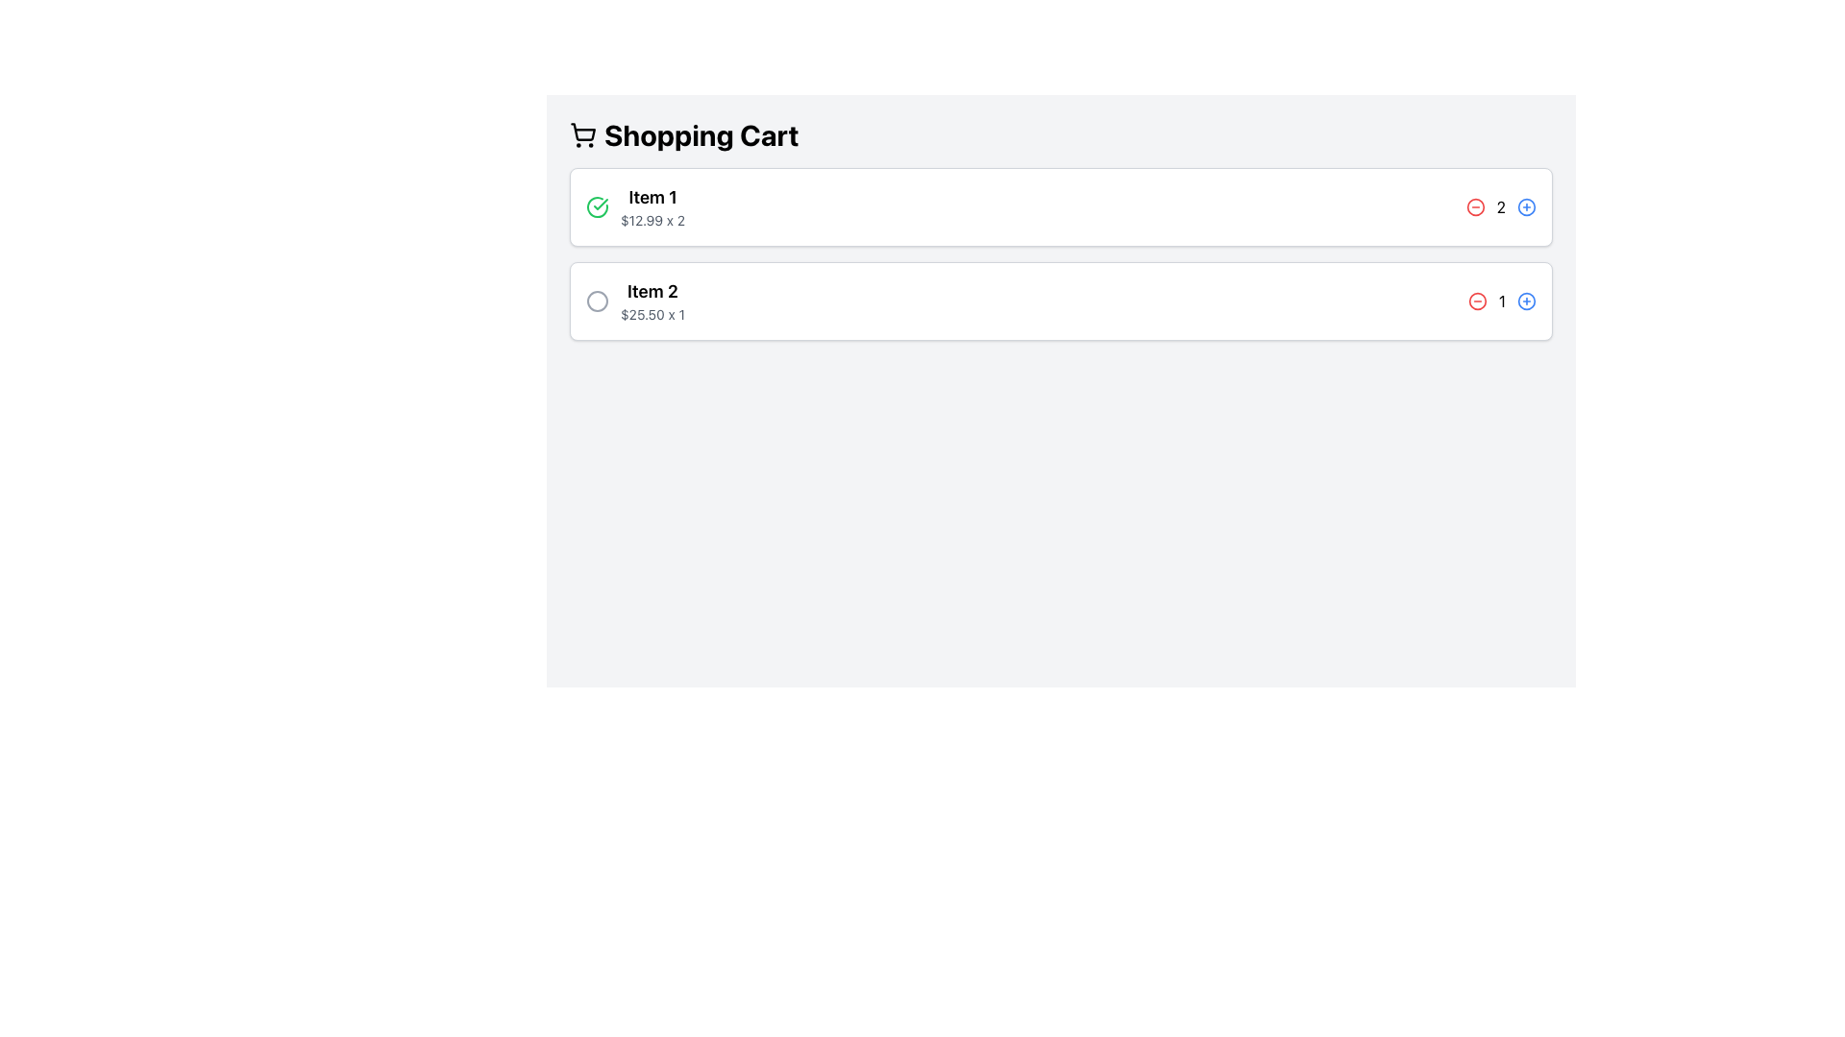  Describe the element at coordinates (652, 220) in the screenshot. I see `text element displaying '$12.99 x 2', which is styled in gray and positioned below the title 'Item 1' in the shopping cart list` at that location.